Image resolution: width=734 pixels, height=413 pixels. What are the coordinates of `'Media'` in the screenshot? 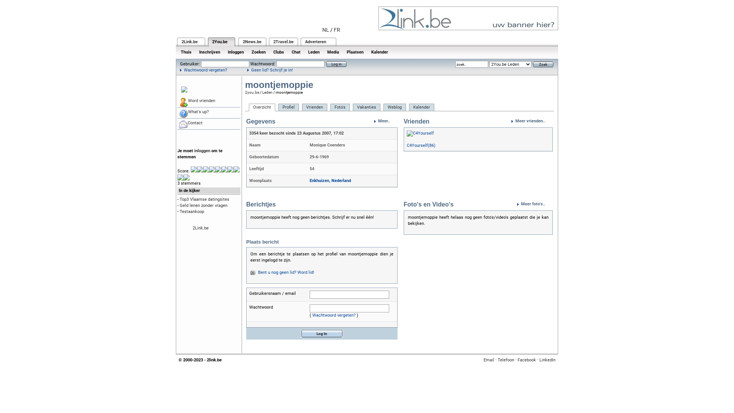 It's located at (333, 52).